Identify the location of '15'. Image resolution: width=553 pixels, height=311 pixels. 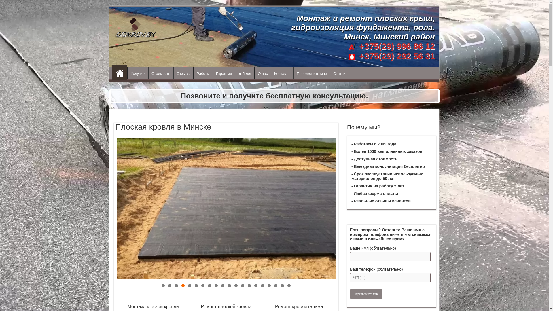
(255, 285).